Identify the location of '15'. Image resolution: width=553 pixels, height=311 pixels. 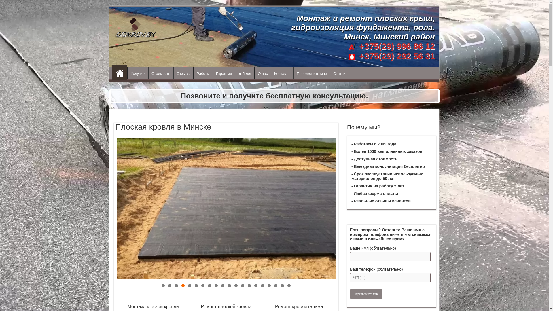
(255, 285).